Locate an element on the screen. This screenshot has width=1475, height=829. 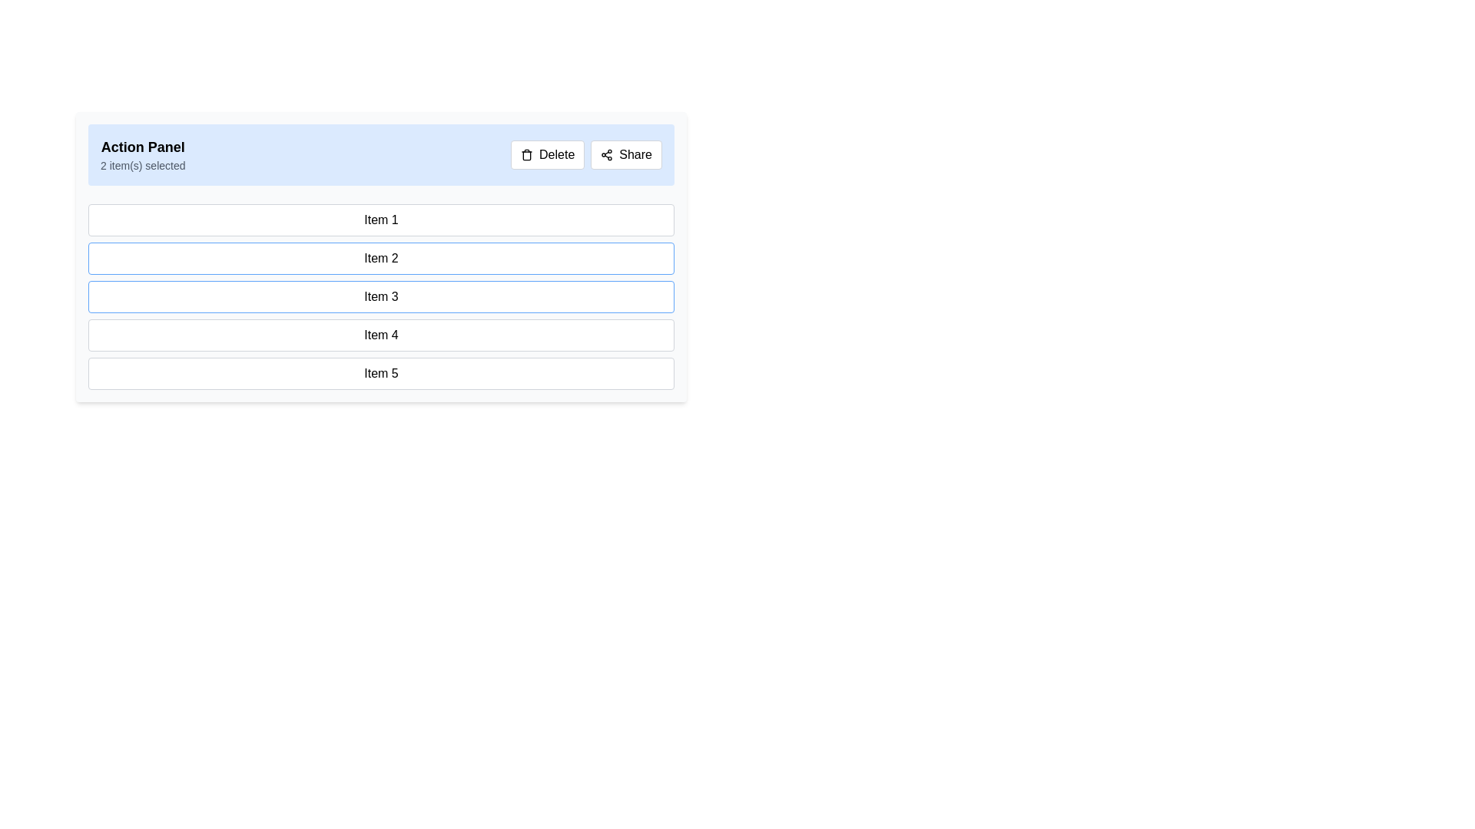
the interactive panel that contains buttons, text, and list items where users can view and manage selected items is located at coordinates (381, 256).